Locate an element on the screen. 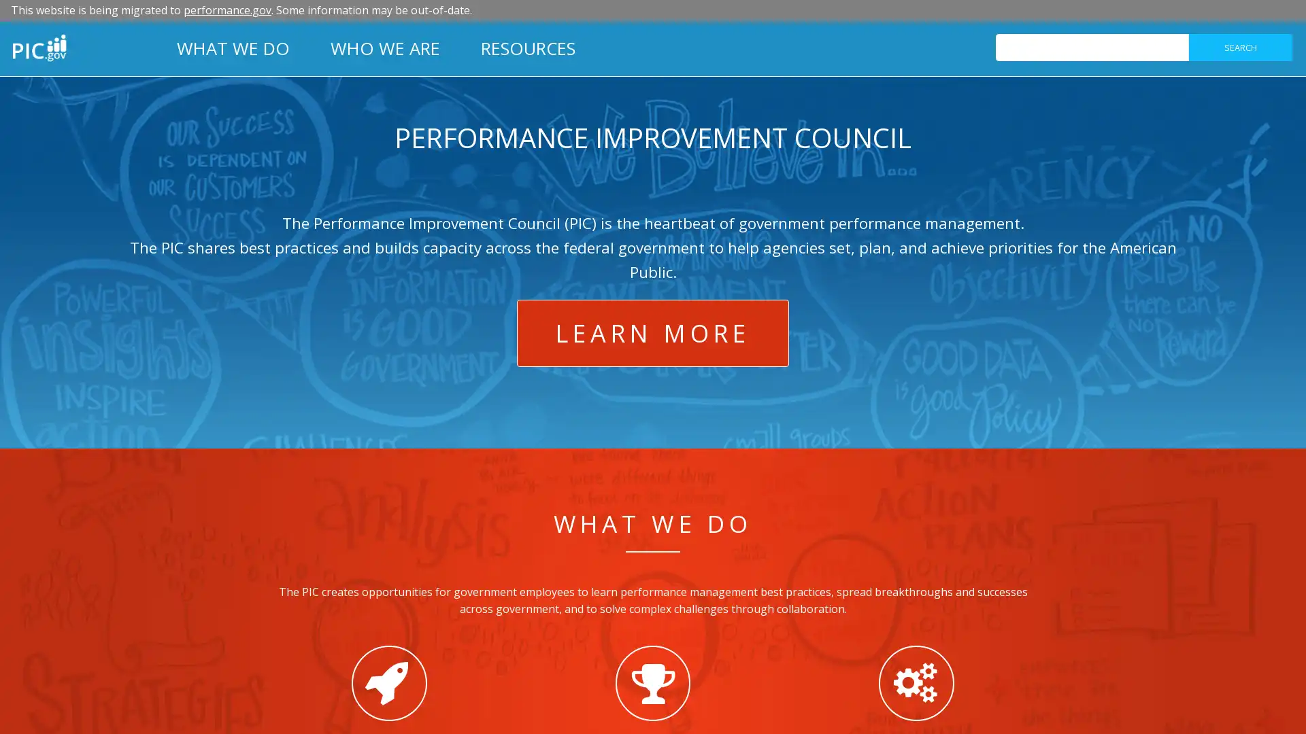  Search is located at coordinates (1240, 46).